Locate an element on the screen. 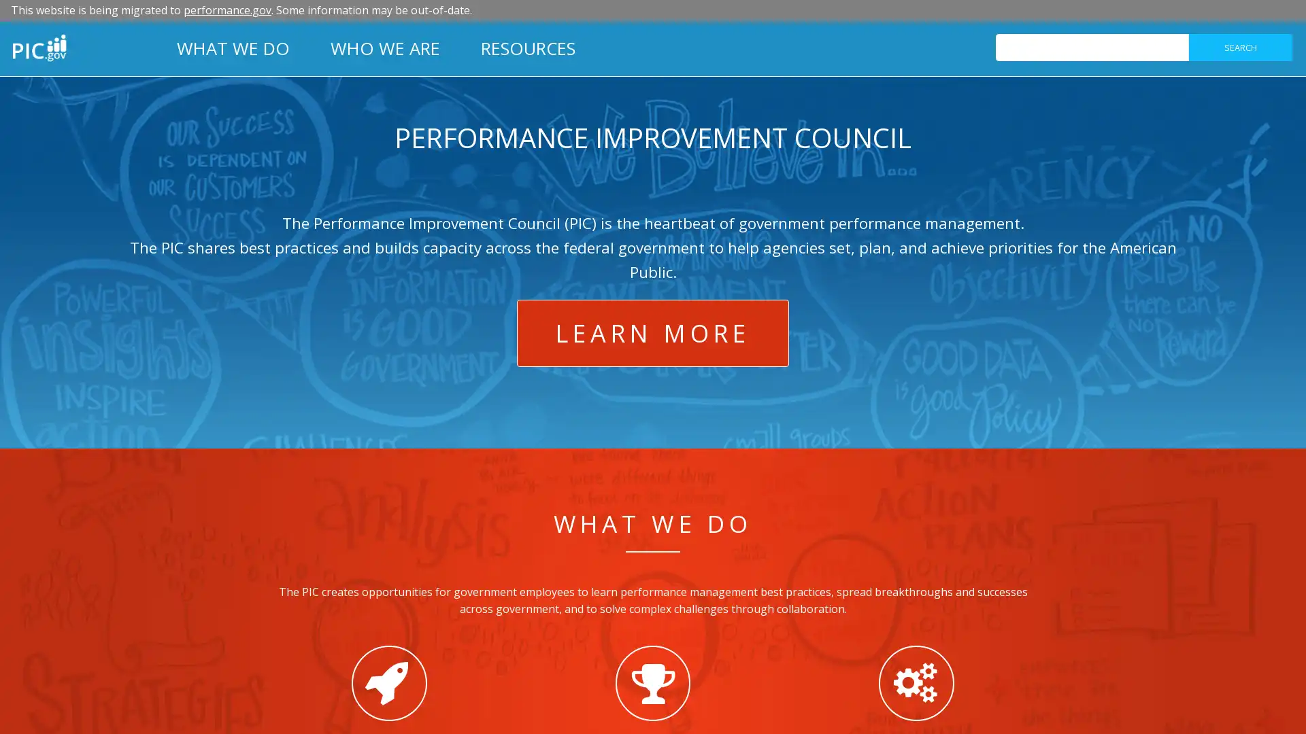  Search is located at coordinates (1240, 46).